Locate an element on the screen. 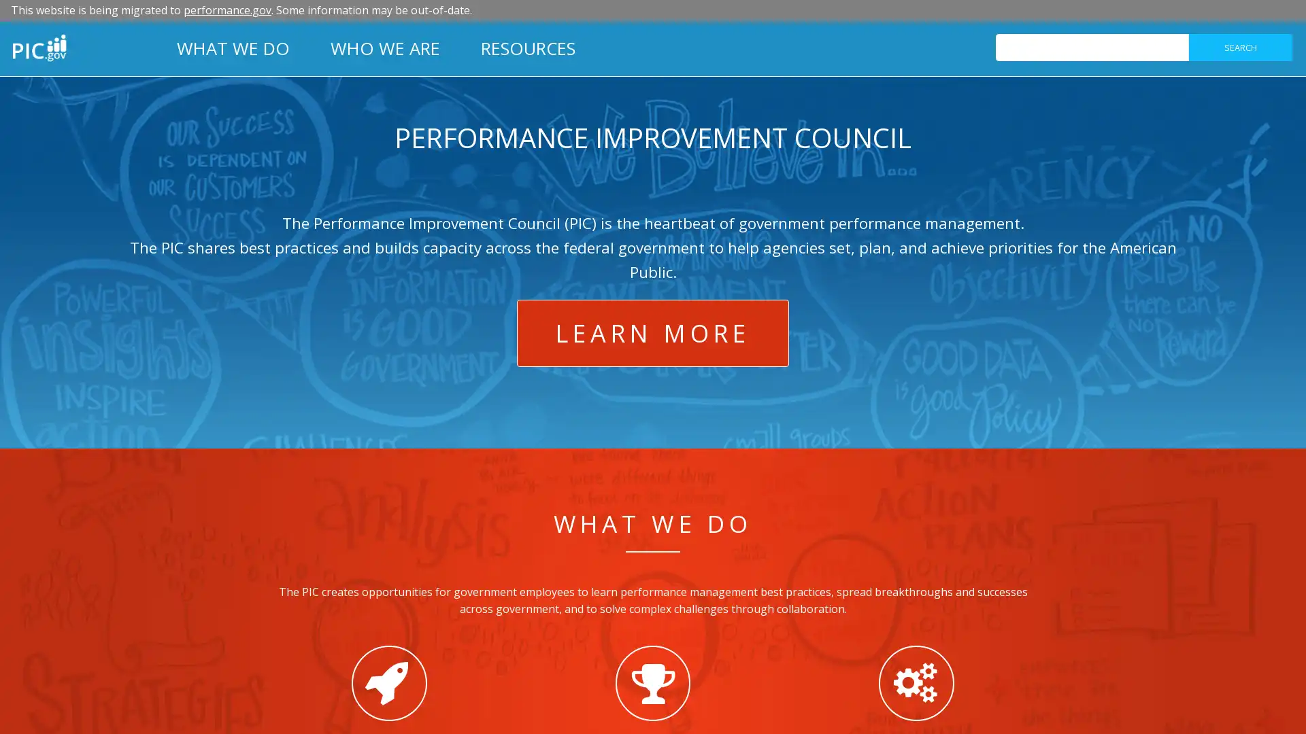  Search is located at coordinates (1240, 46).